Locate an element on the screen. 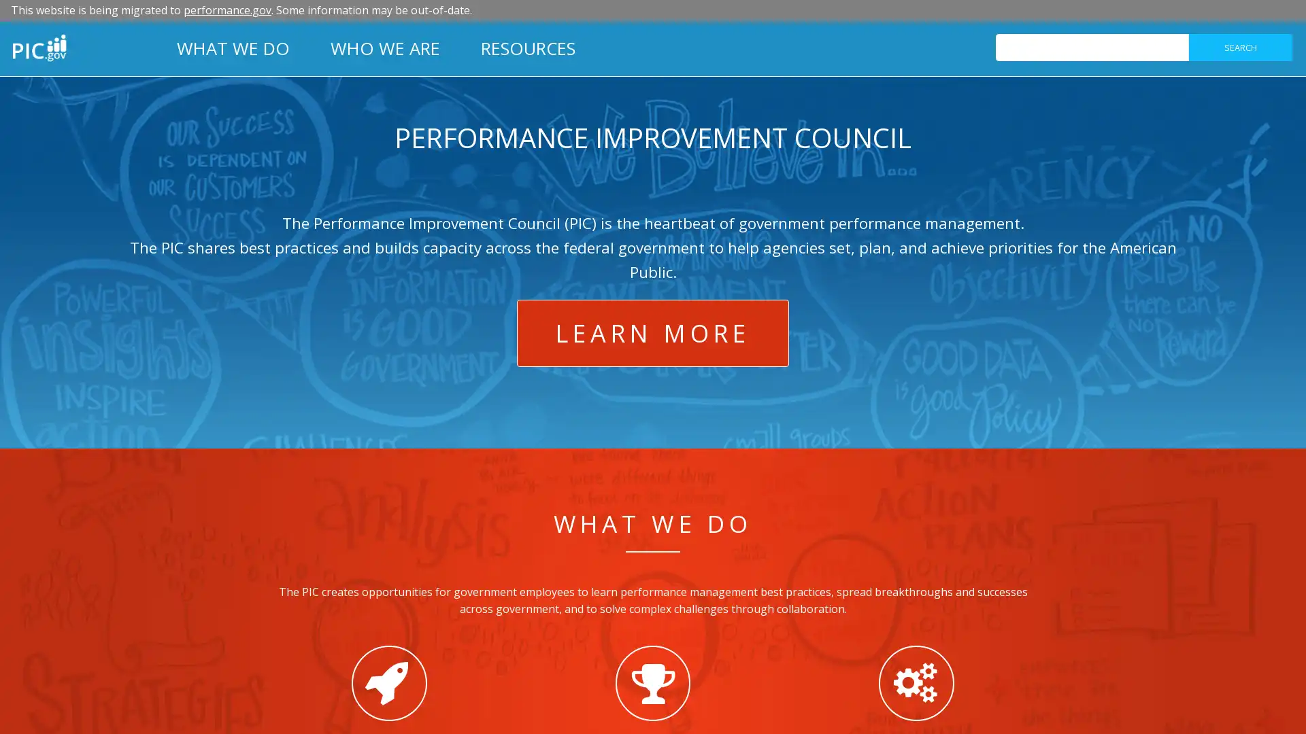  Search is located at coordinates (1240, 46).